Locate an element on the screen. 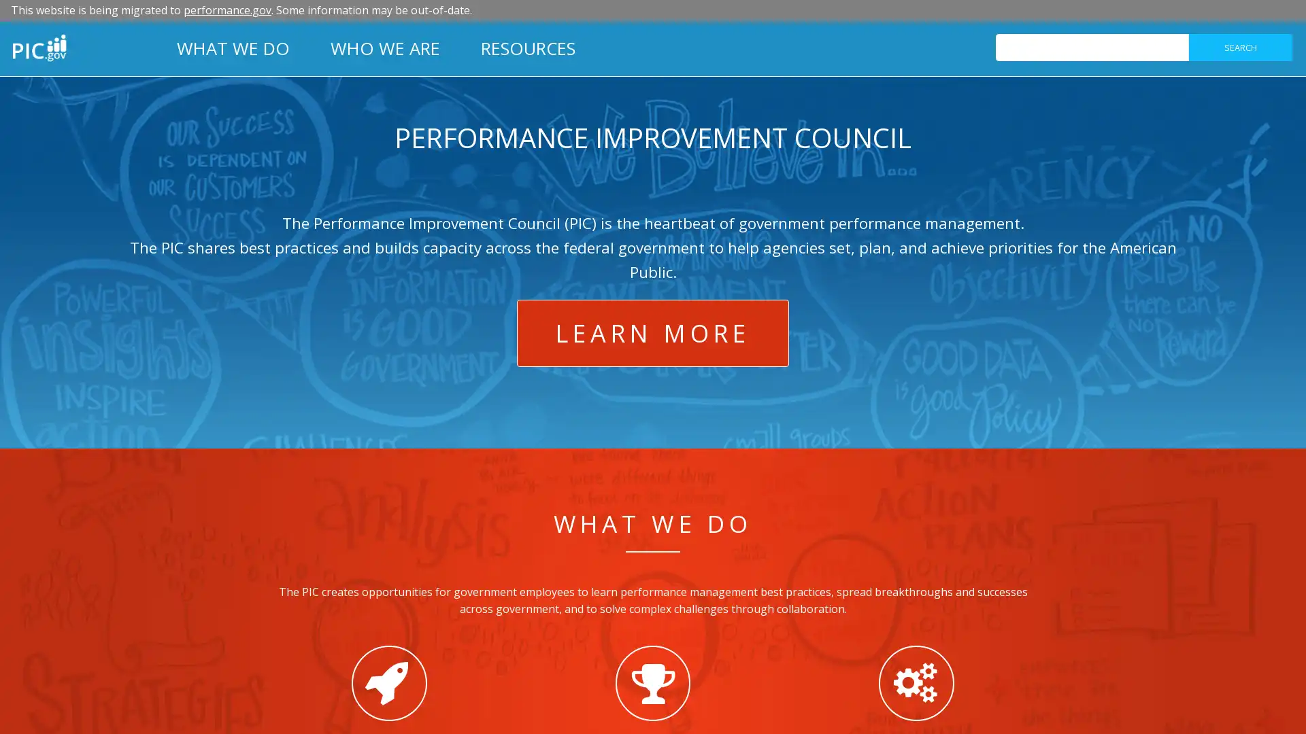  Search is located at coordinates (1240, 46).